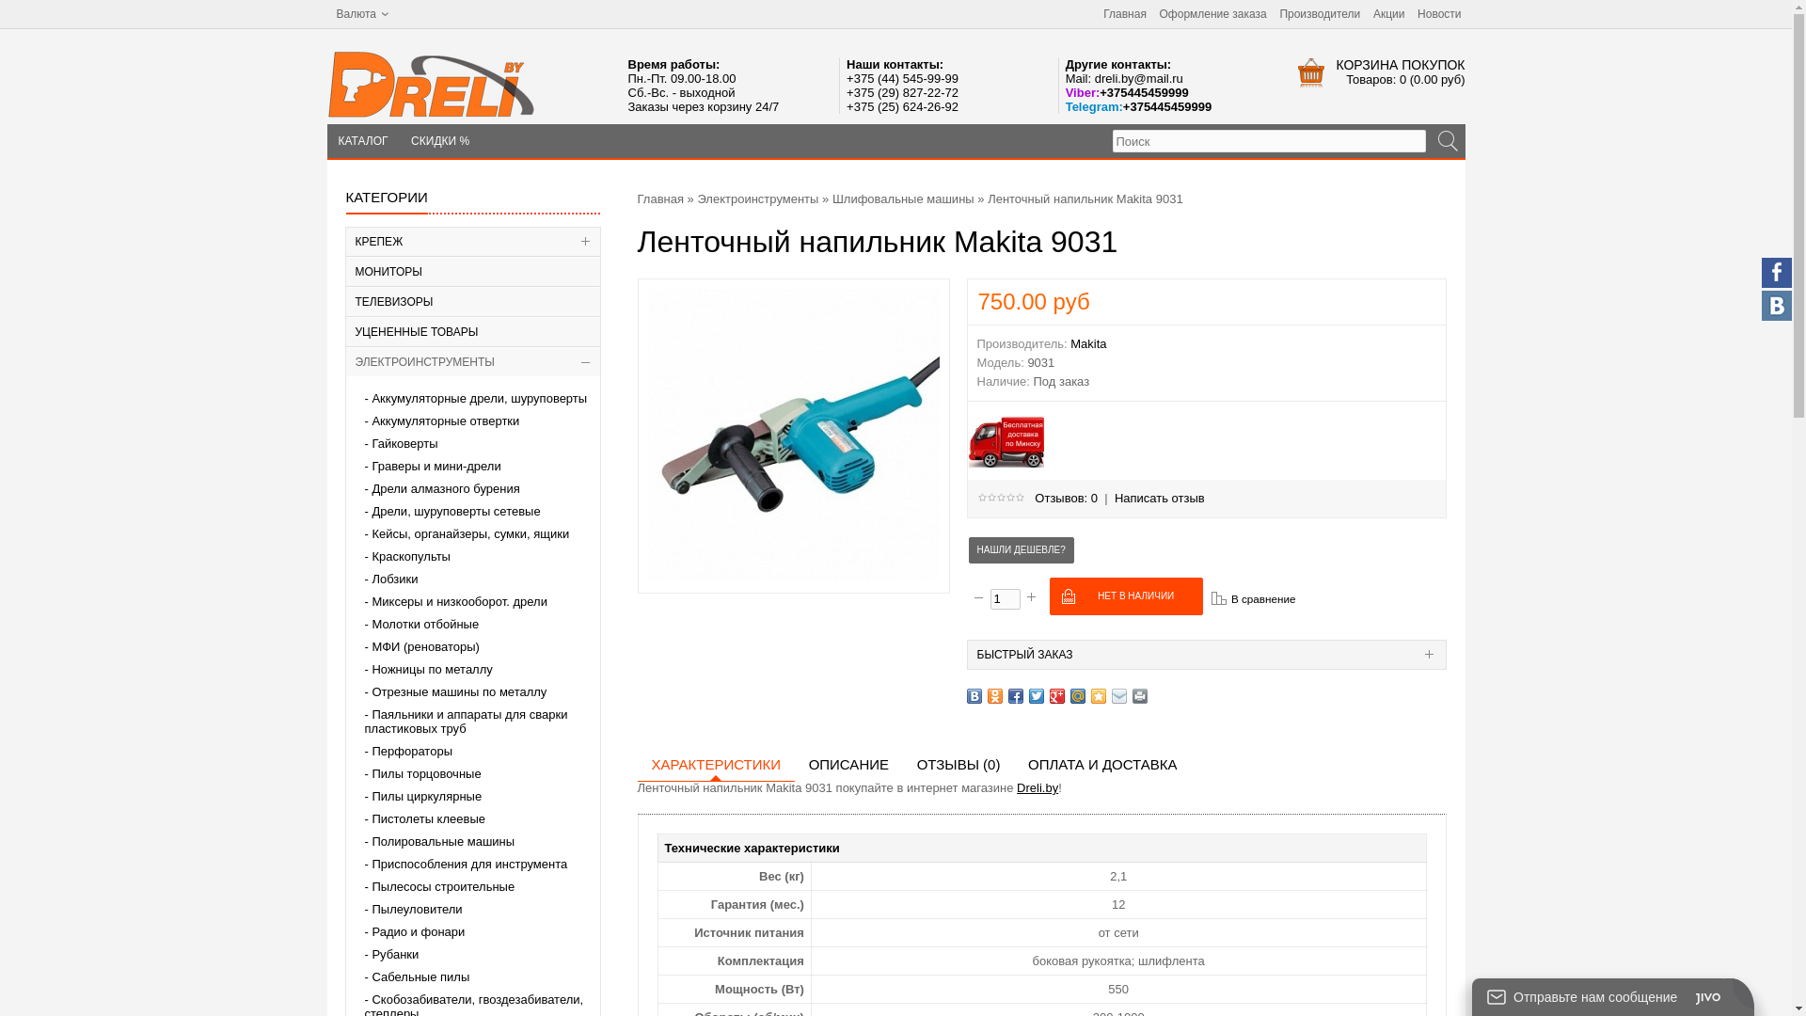 This screenshot has width=1806, height=1016. Describe the element at coordinates (1015, 787) in the screenshot. I see `'Dreli.by'` at that location.